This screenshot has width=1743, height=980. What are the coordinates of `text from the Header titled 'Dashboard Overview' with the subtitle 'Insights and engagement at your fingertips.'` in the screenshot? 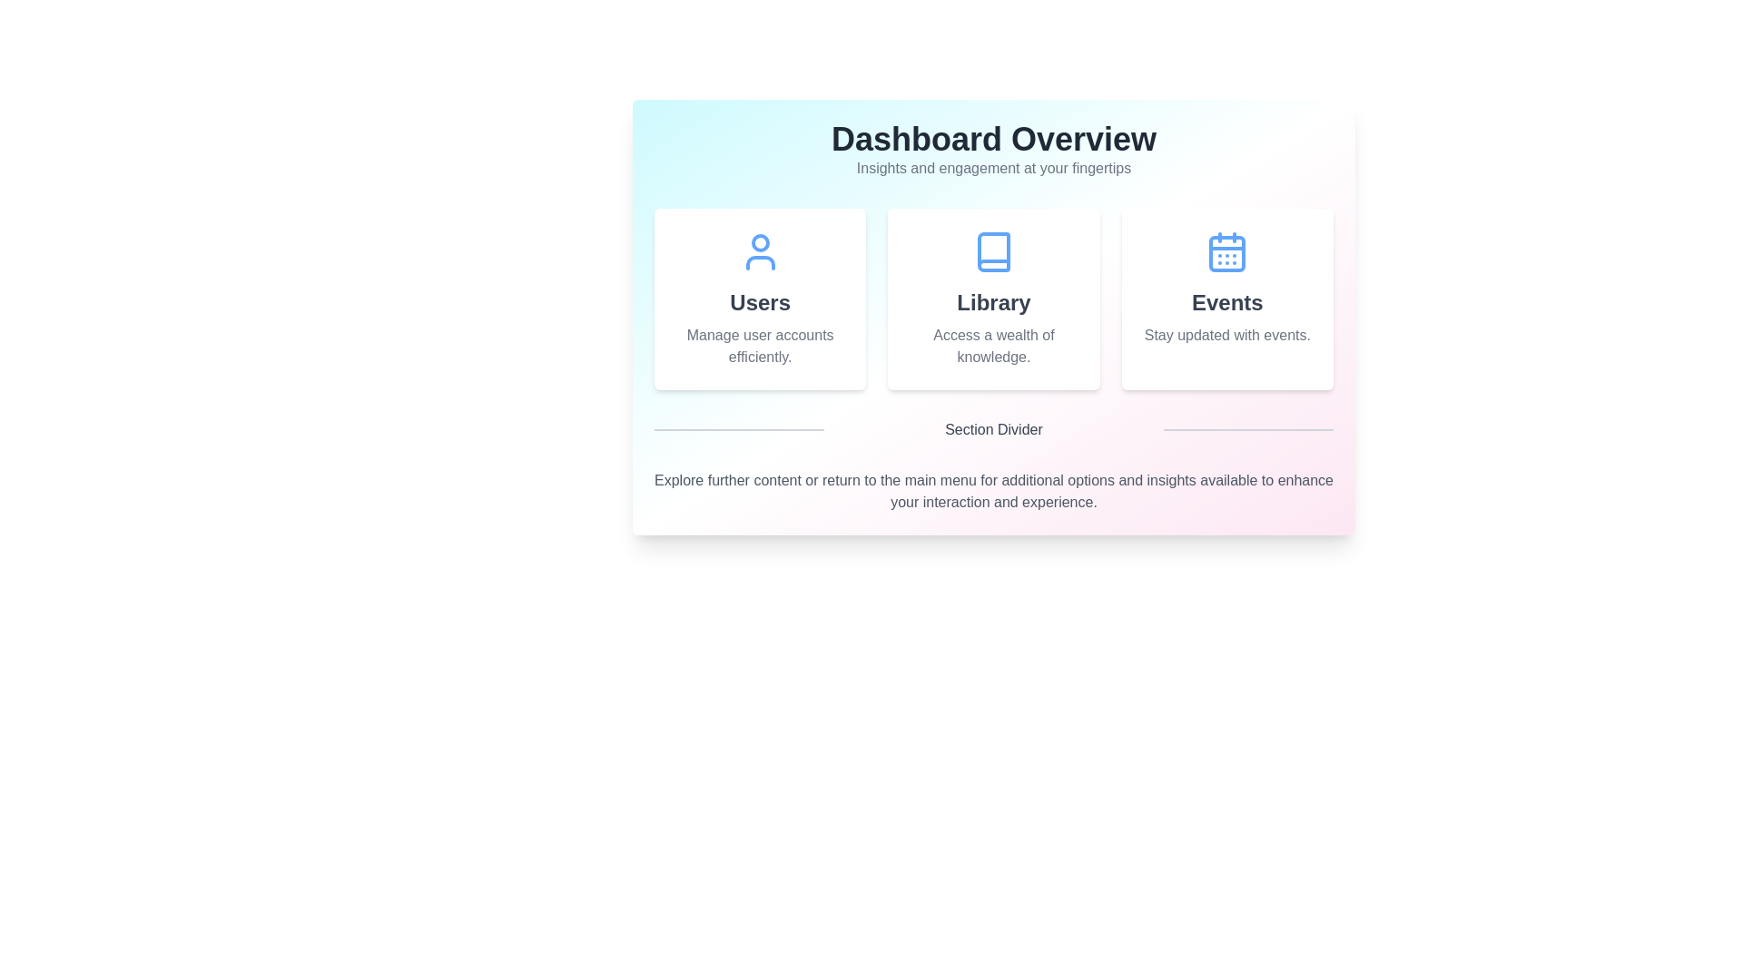 It's located at (992, 164).